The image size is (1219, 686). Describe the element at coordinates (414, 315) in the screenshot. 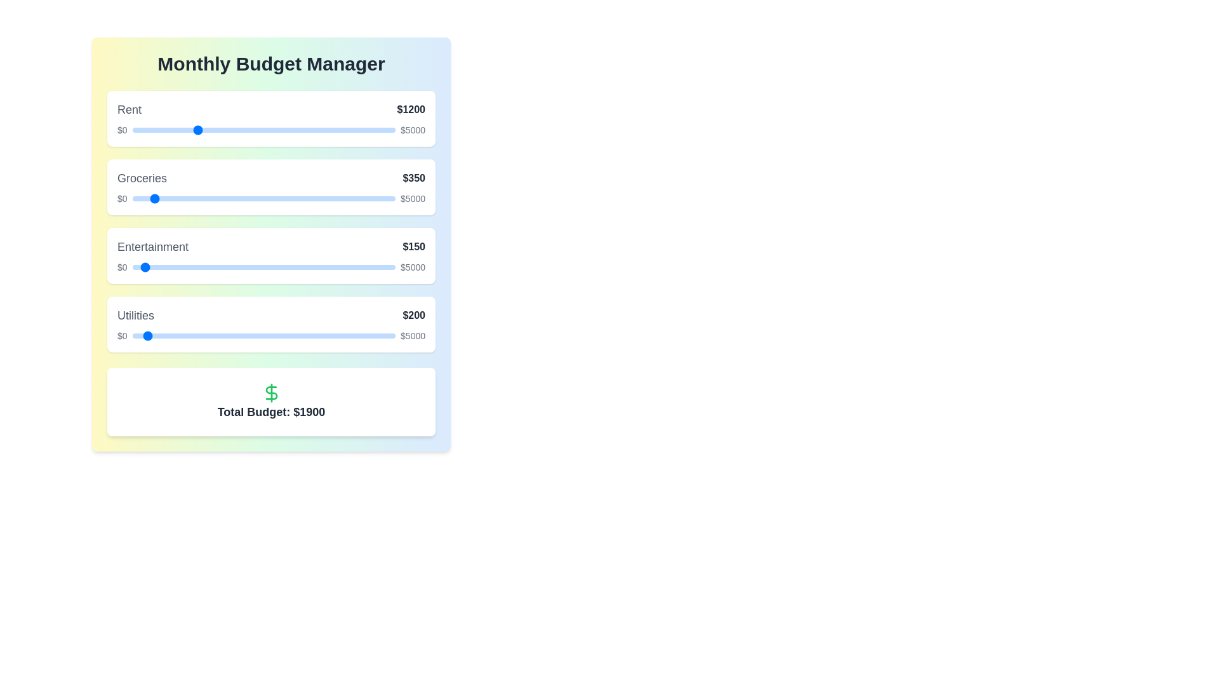

I see `the monetary value display for utilities in the budget manager application, located to the right of the 'Utilities' label` at that location.